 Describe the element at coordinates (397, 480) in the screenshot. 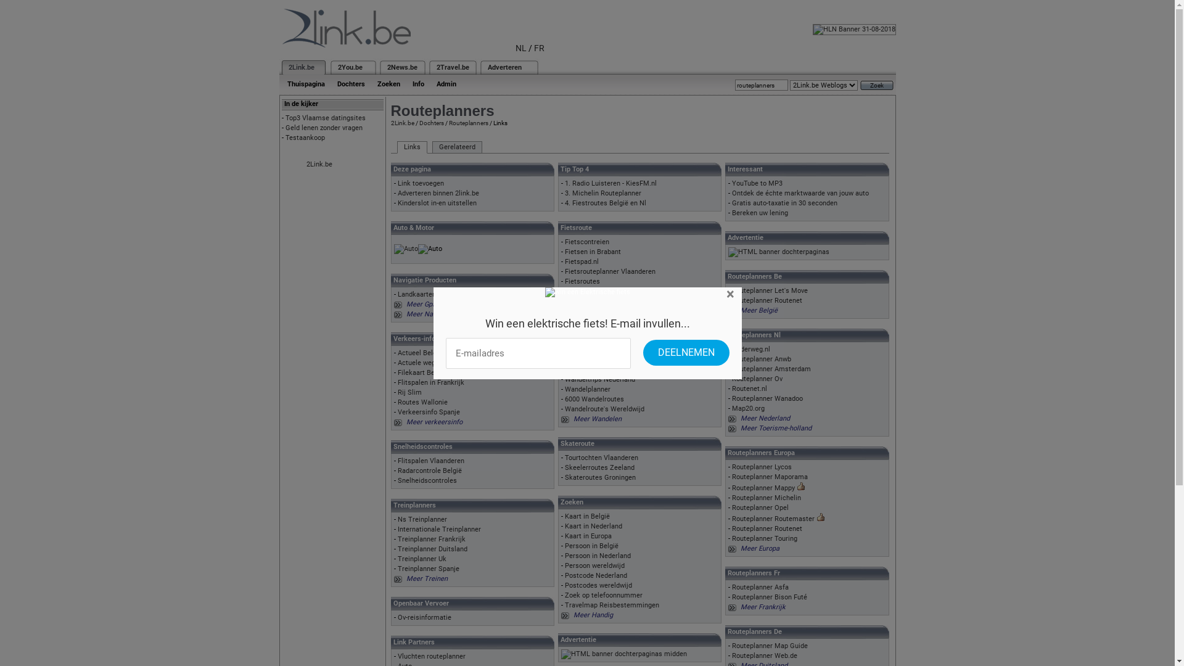

I see `'Snelheidscontroles'` at that location.